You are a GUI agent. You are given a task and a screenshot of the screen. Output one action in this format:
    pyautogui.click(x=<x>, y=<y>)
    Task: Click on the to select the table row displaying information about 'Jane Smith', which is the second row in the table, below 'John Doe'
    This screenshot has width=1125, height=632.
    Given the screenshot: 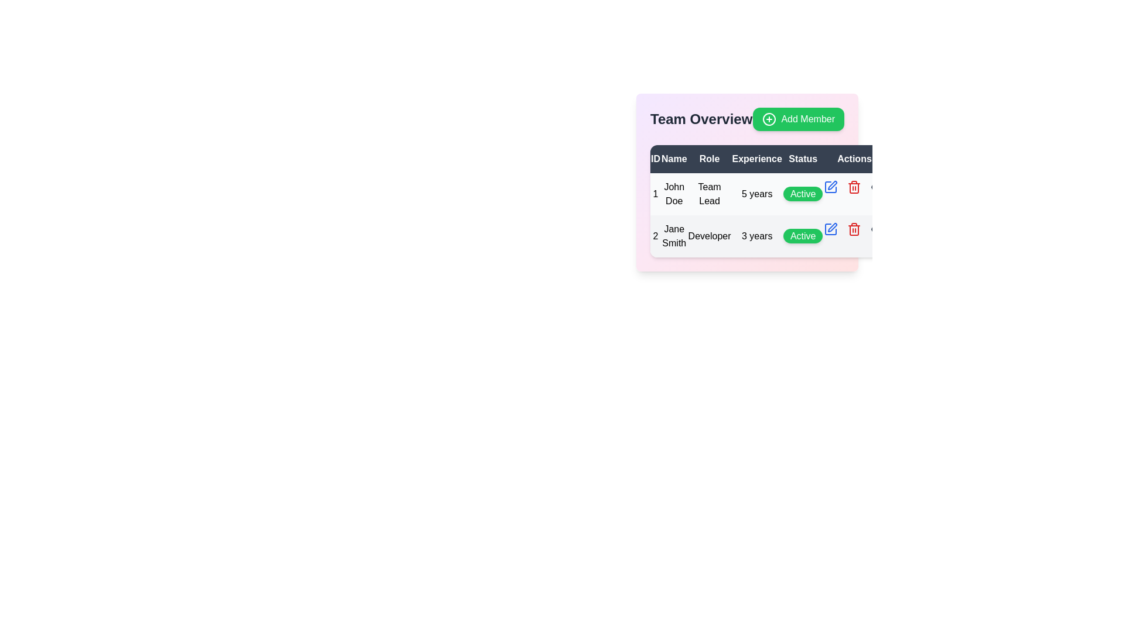 What is the action you would take?
    pyautogui.click(x=768, y=236)
    